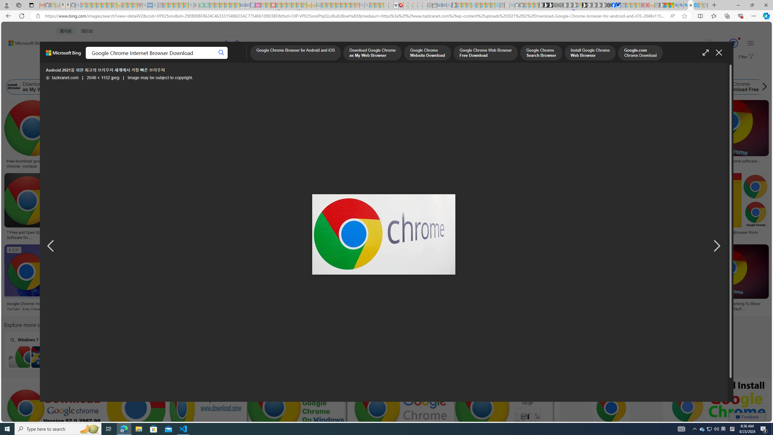 The image size is (773, 435). What do you see at coordinates (750, 43) in the screenshot?
I see `'Settings and quick links'` at bounding box center [750, 43].